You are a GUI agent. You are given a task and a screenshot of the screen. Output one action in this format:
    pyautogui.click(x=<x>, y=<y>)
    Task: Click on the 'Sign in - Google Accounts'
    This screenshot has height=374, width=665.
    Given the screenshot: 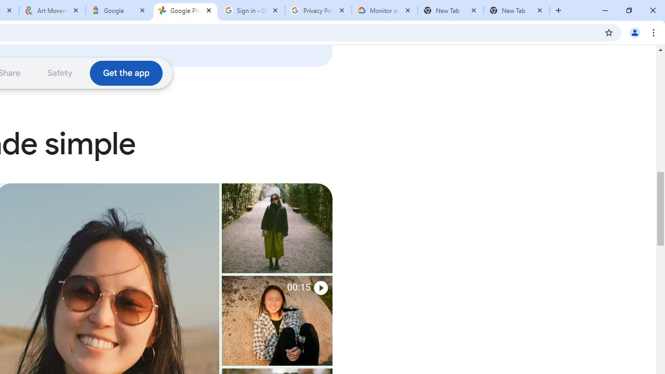 What is the action you would take?
    pyautogui.click(x=252, y=10)
    